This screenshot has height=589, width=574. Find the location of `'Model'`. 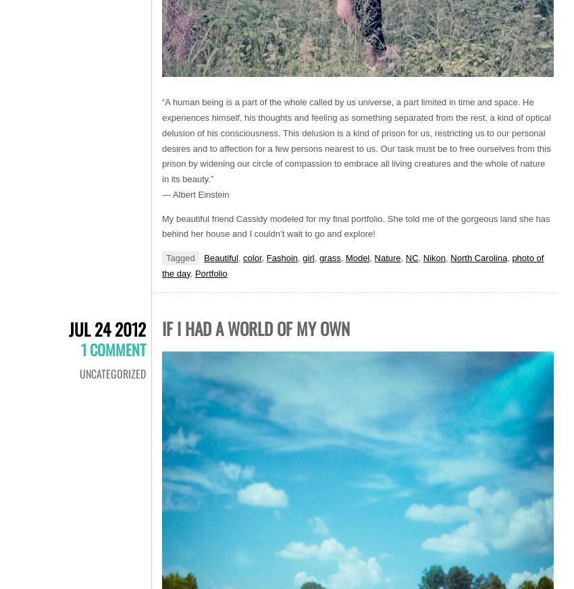

'Model' is located at coordinates (357, 257).